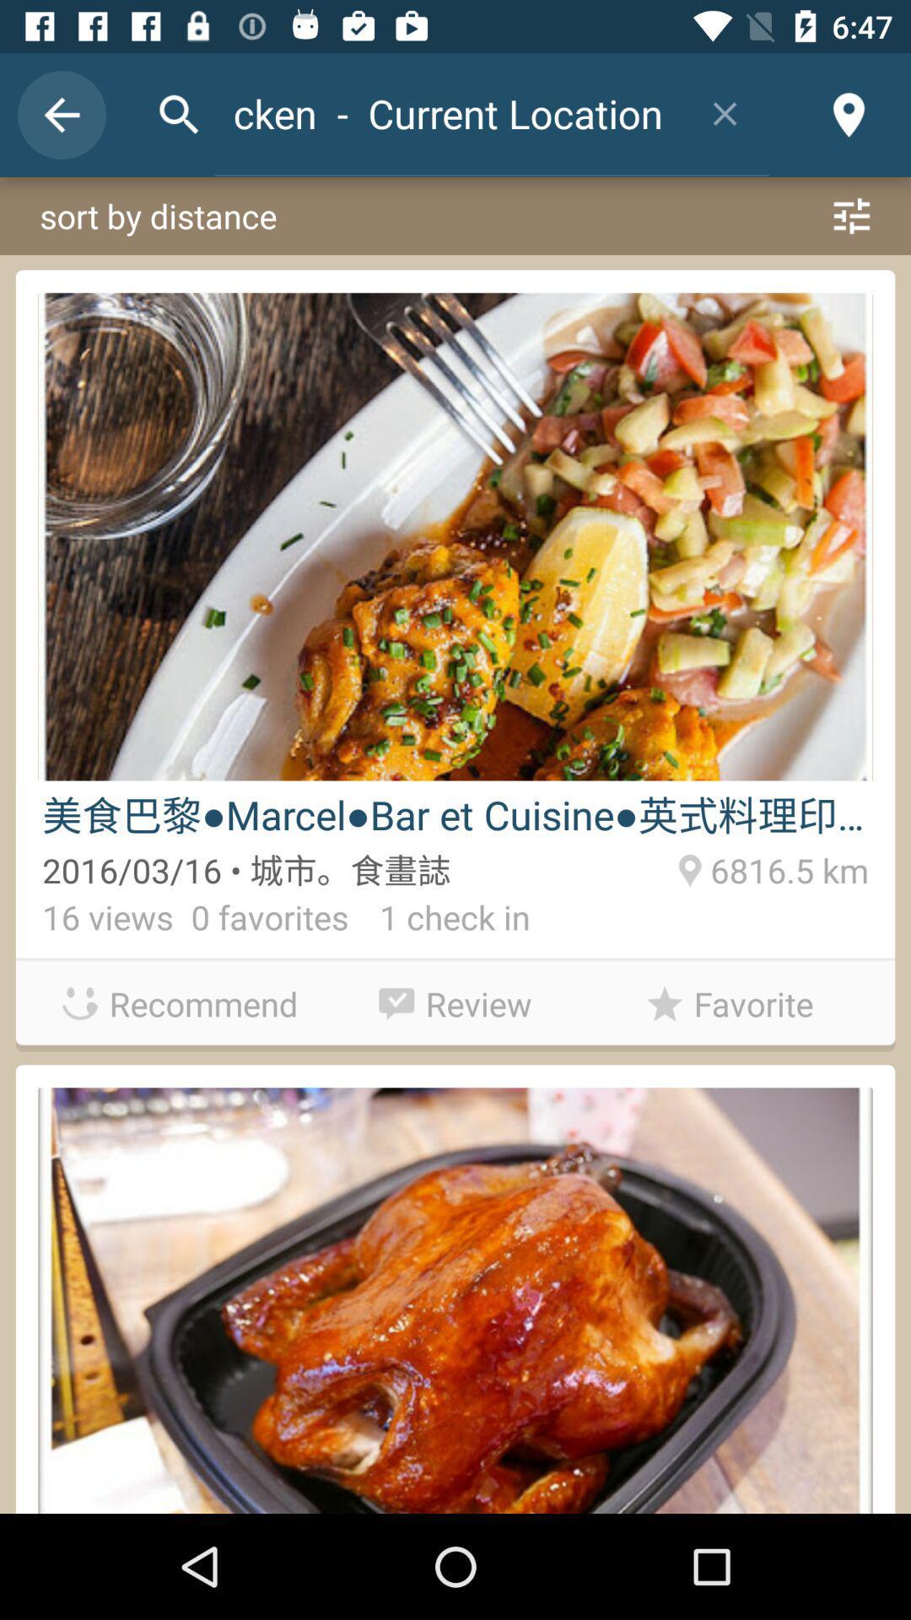 This screenshot has height=1620, width=911. Describe the element at coordinates (61, 114) in the screenshot. I see `item above the sort by distance` at that location.